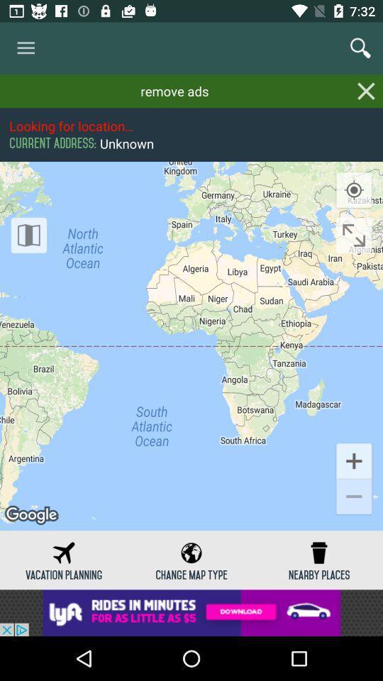 The width and height of the screenshot is (383, 681). Describe the element at coordinates (353, 189) in the screenshot. I see `the location_crosshair icon` at that location.